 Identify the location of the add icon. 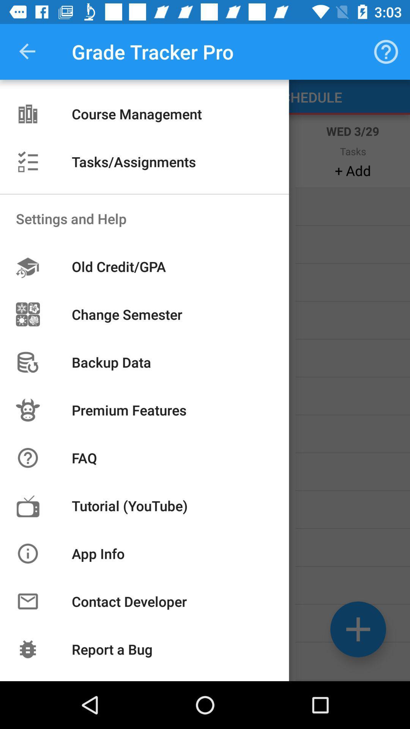
(358, 629).